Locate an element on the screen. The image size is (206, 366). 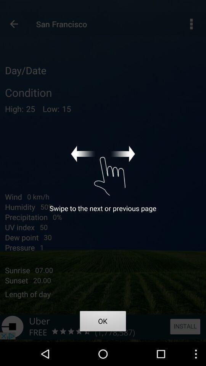
the ok item is located at coordinates (103, 322).